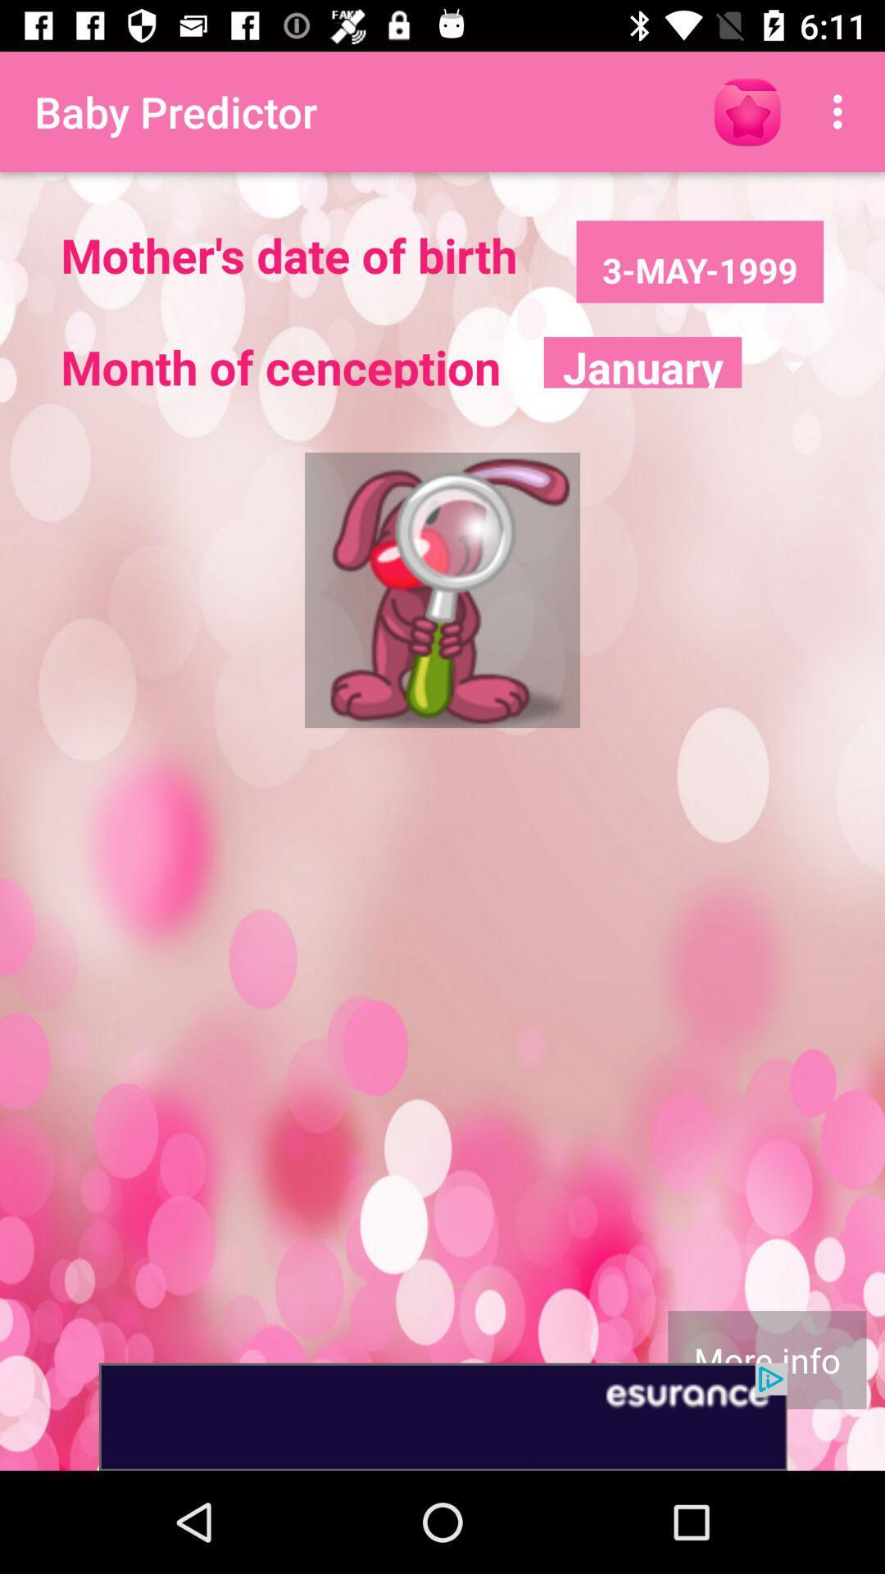 The height and width of the screenshot is (1574, 885). Describe the element at coordinates (442, 1416) in the screenshot. I see `go next` at that location.